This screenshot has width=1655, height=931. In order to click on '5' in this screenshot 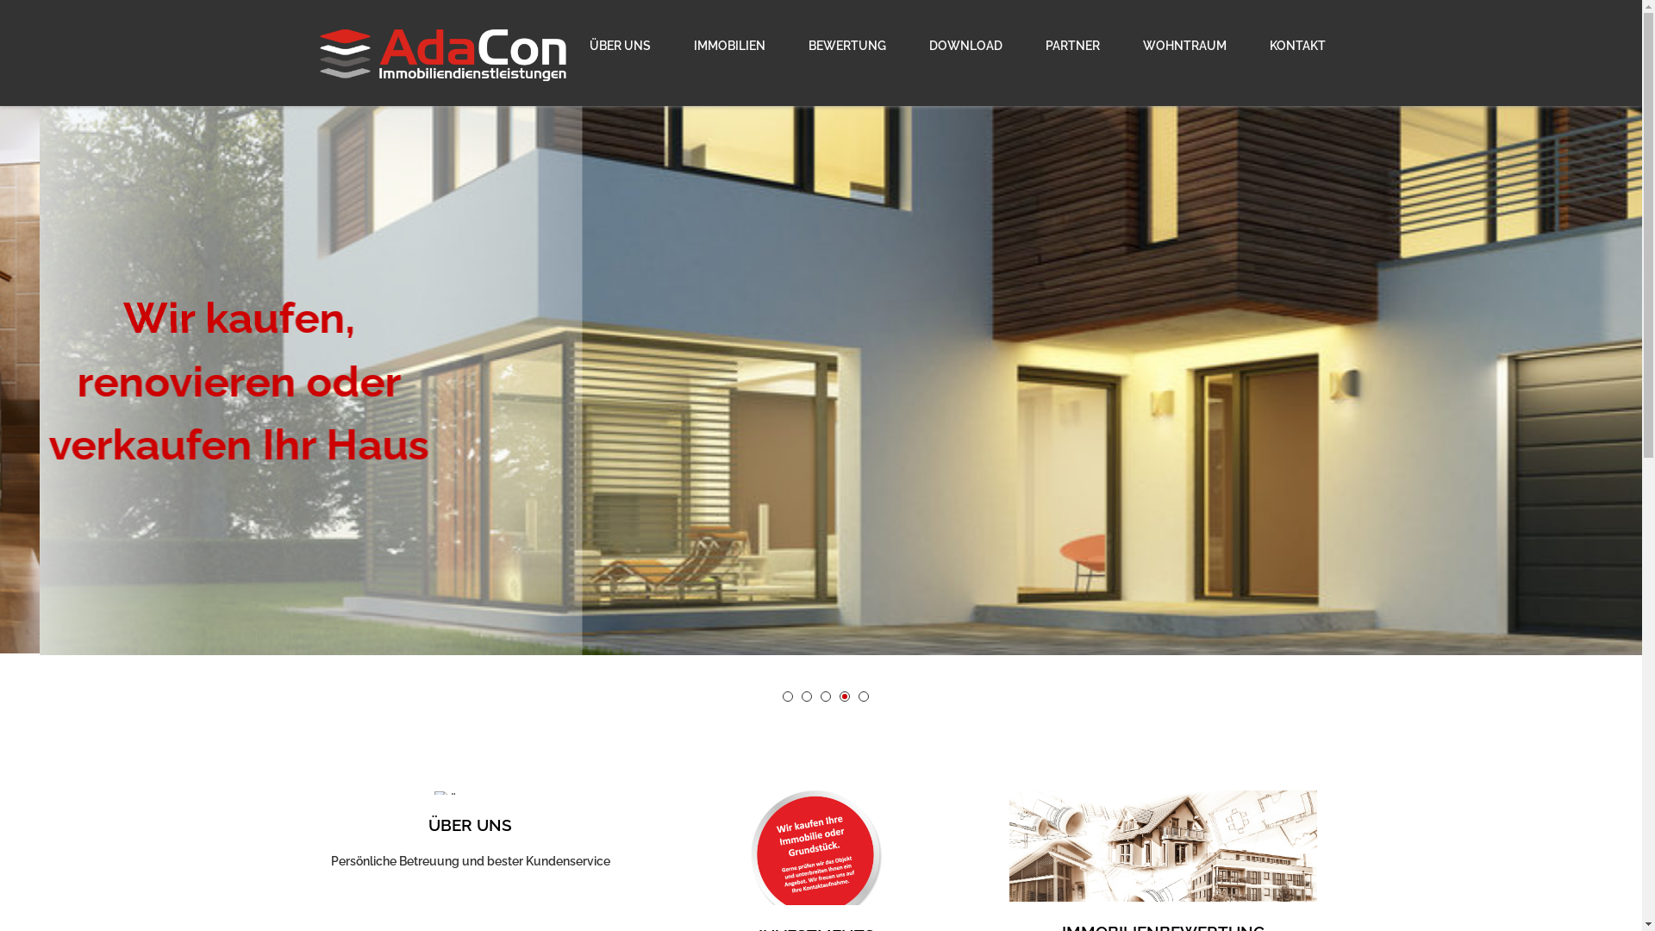, I will do `click(864, 695)`.